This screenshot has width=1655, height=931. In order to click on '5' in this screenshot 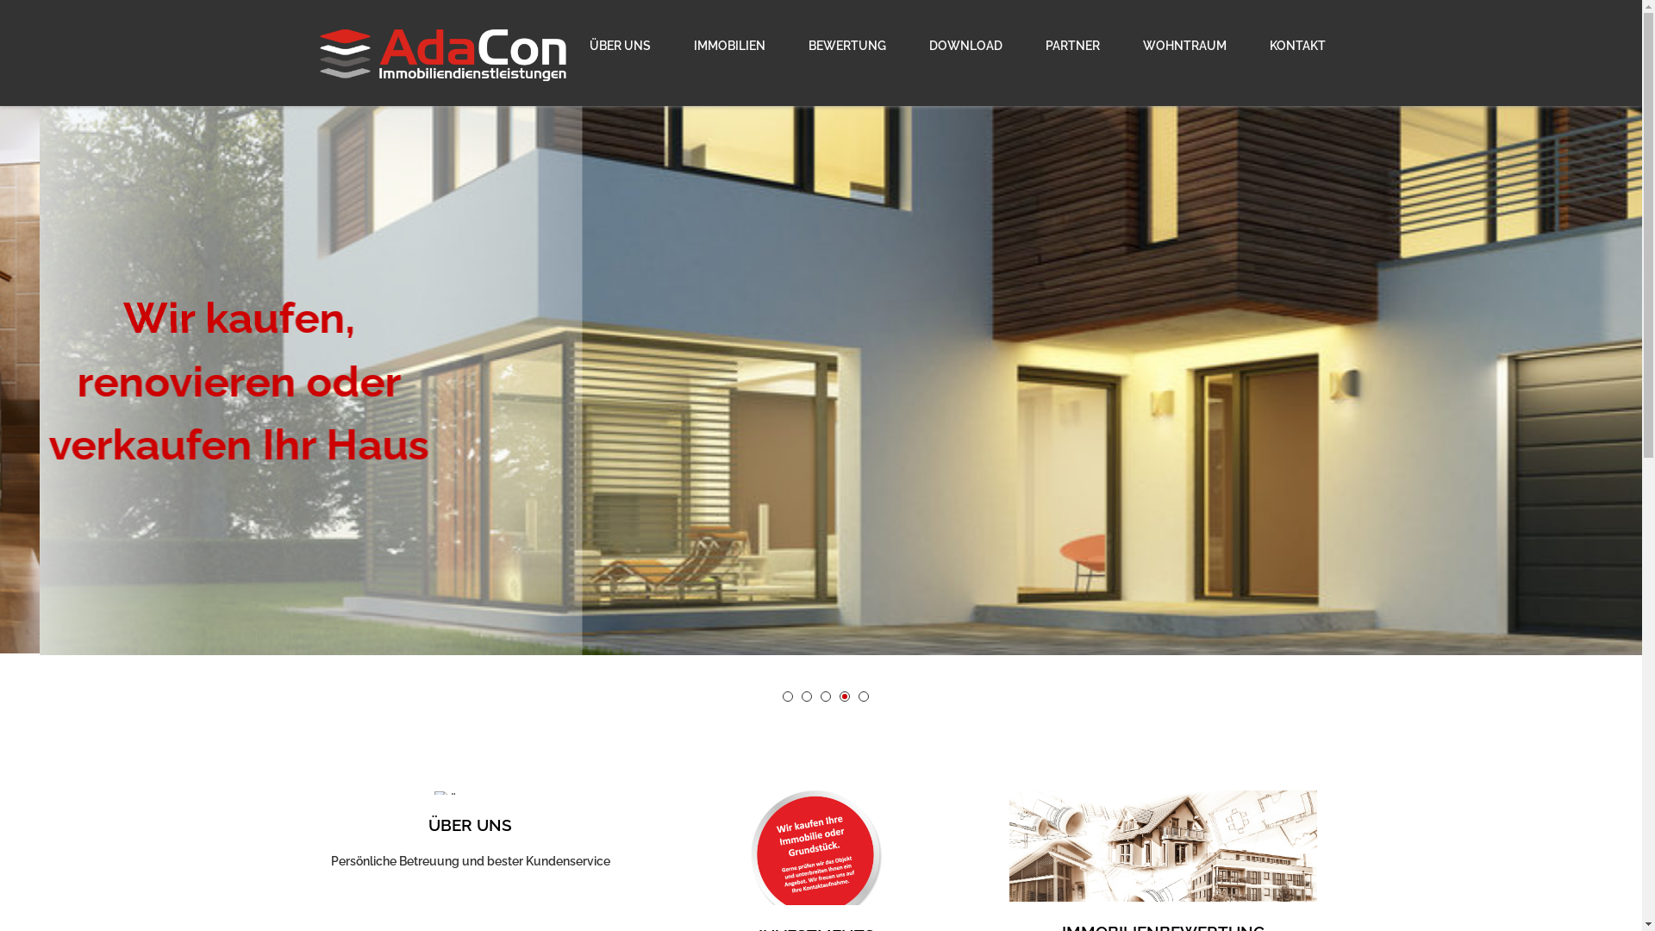, I will do `click(864, 695)`.